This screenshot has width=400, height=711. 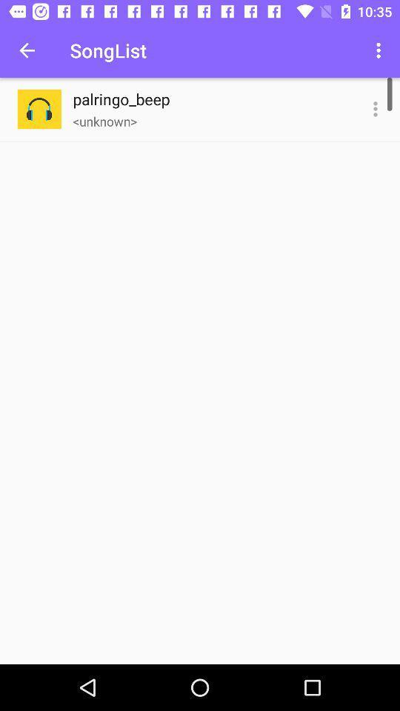 What do you see at coordinates (27, 50) in the screenshot?
I see `the item to the left of the songlist icon` at bounding box center [27, 50].